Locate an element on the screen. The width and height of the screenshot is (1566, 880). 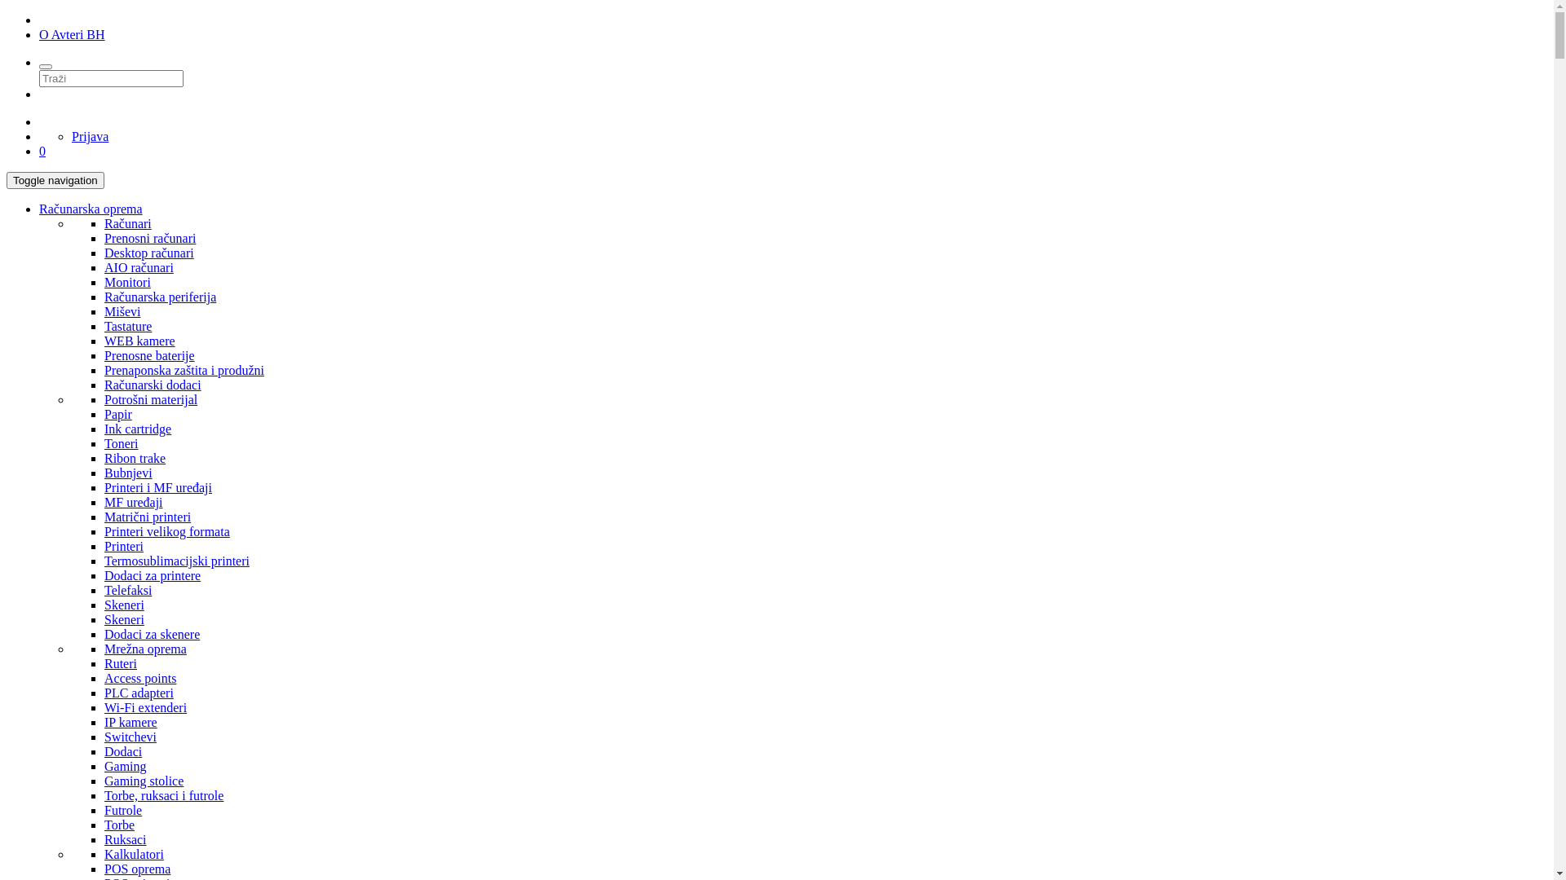
'Skeneri' is located at coordinates (123, 605).